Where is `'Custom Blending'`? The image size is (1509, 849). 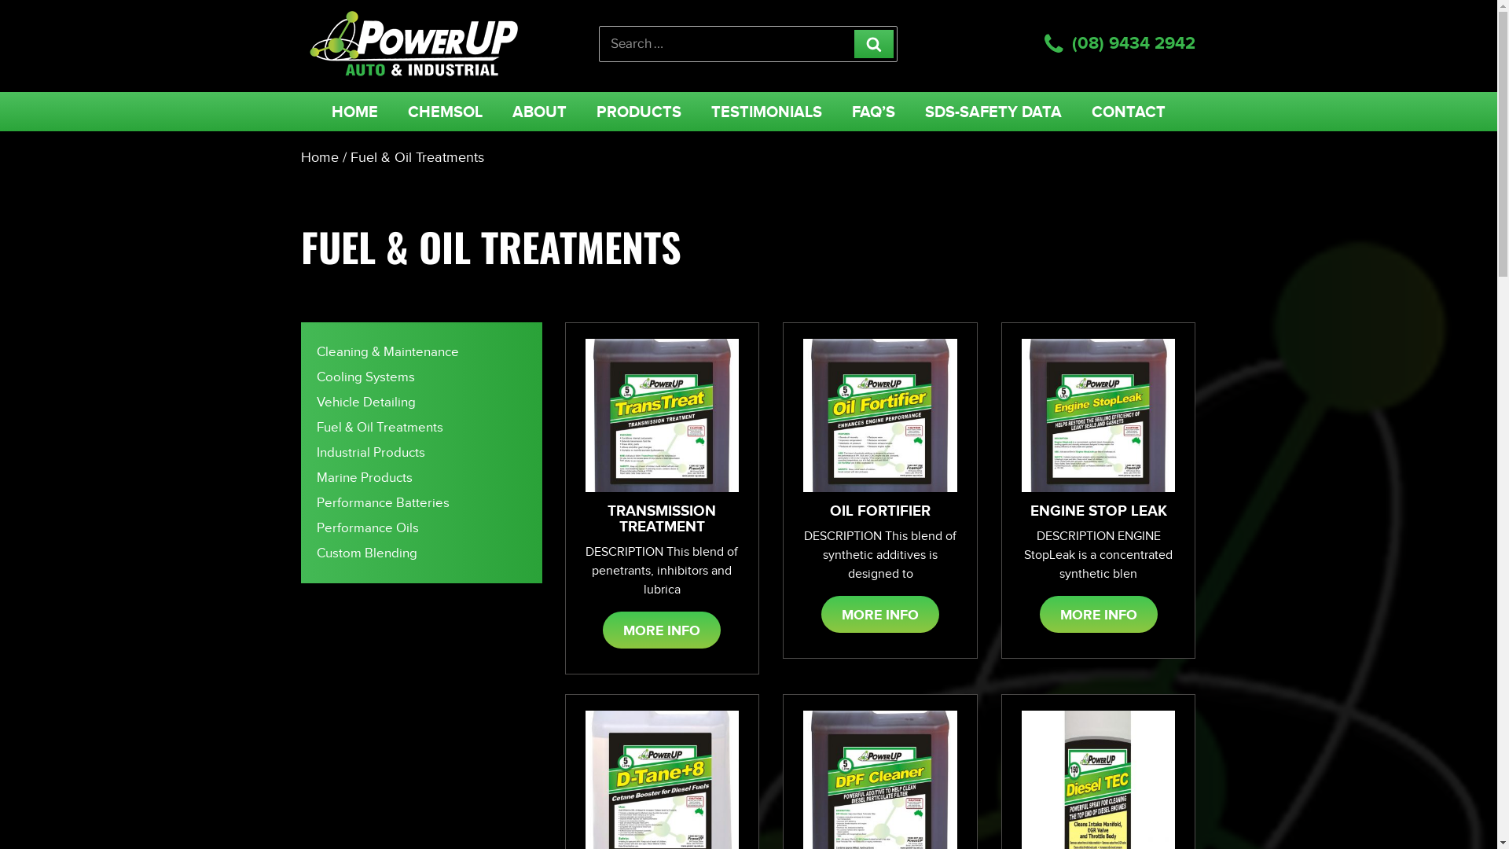
'Custom Blending' is located at coordinates (365, 553).